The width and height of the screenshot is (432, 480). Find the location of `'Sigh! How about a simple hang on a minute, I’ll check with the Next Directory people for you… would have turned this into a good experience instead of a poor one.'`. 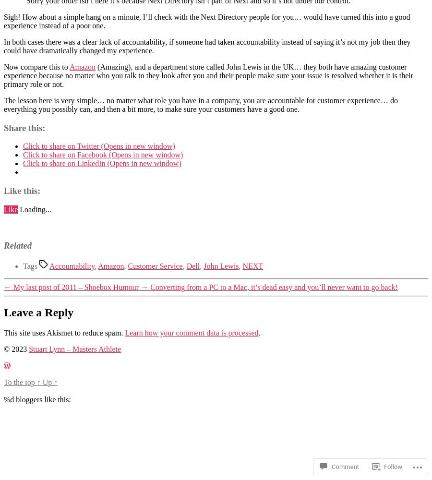

'Sigh! How about a simple hang on a minute, I’ll check with the Next Directory people for you… would have turned this into a good experience instead of a poor one.' is located at coordinates (207, 21).